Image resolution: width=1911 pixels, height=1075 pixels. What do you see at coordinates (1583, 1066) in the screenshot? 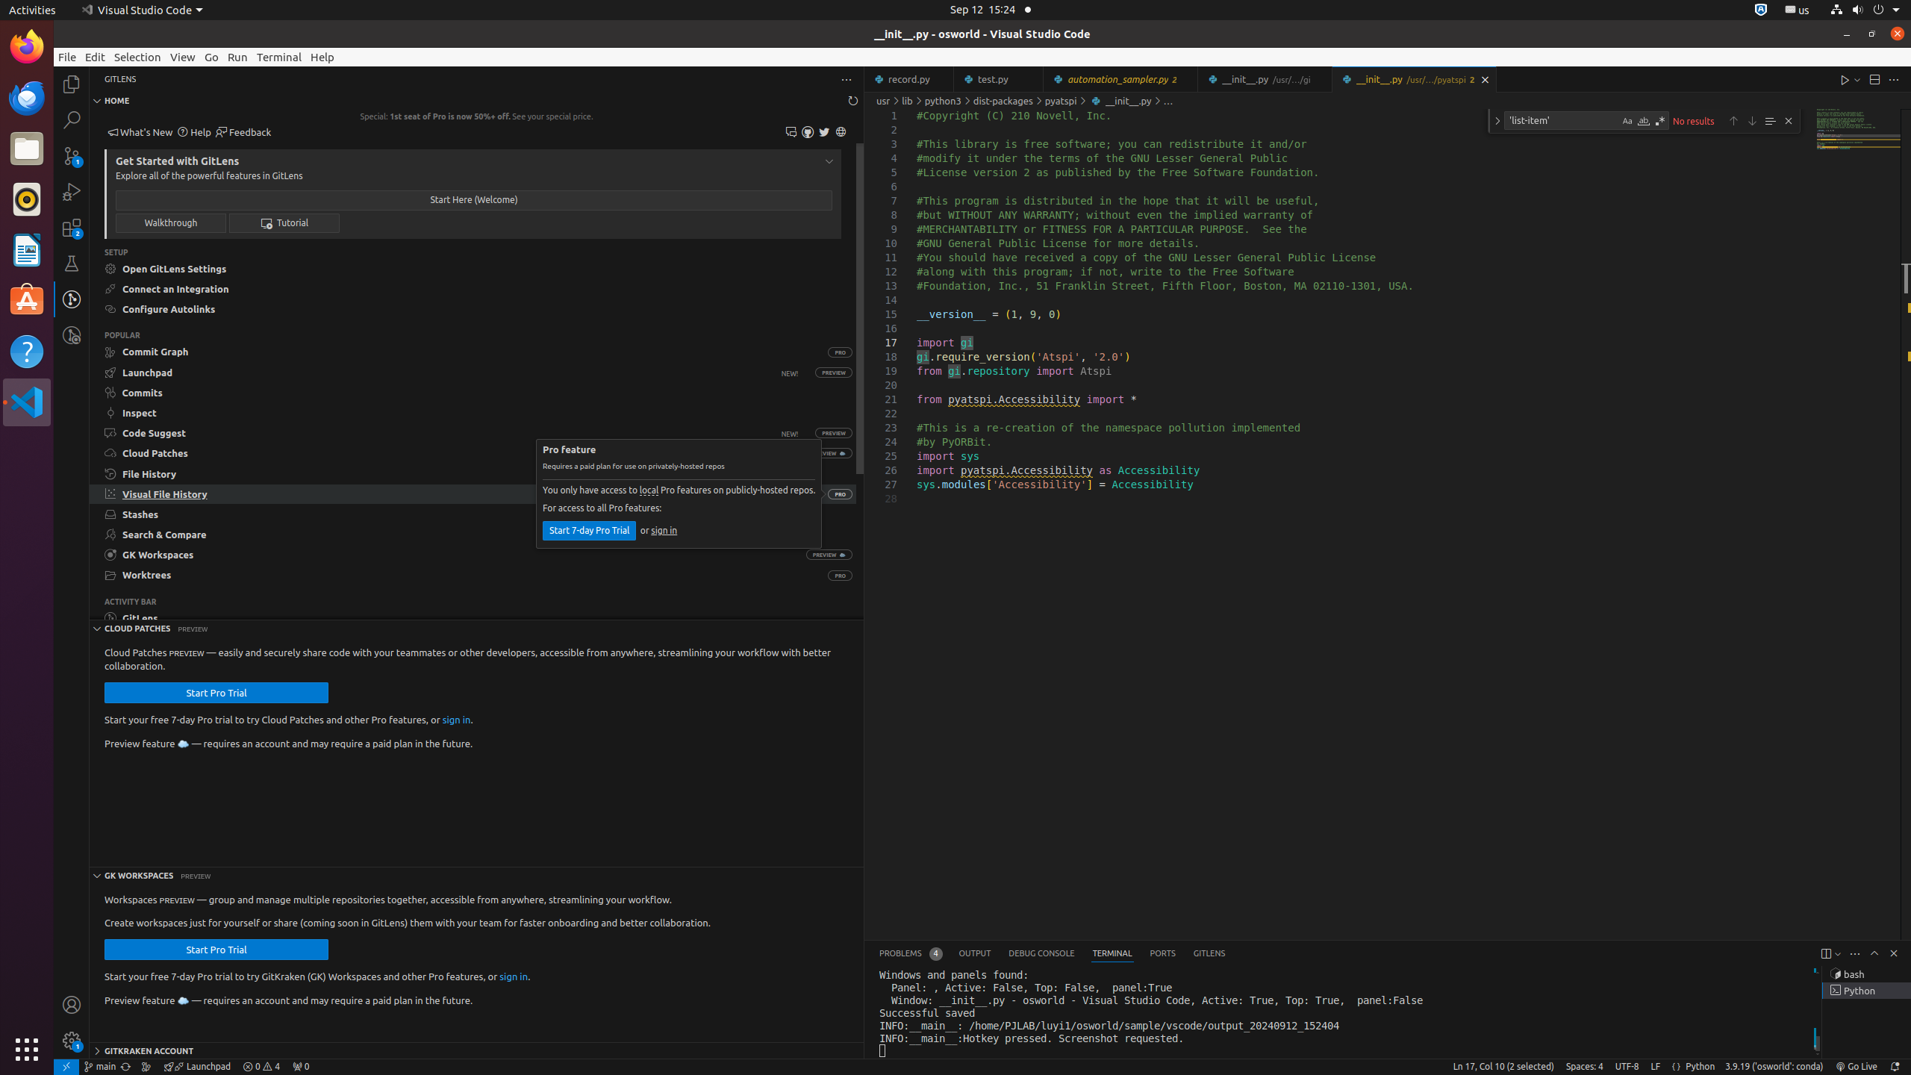
I see `'Spaces: 4'` at bounding box center [1583, 1066].